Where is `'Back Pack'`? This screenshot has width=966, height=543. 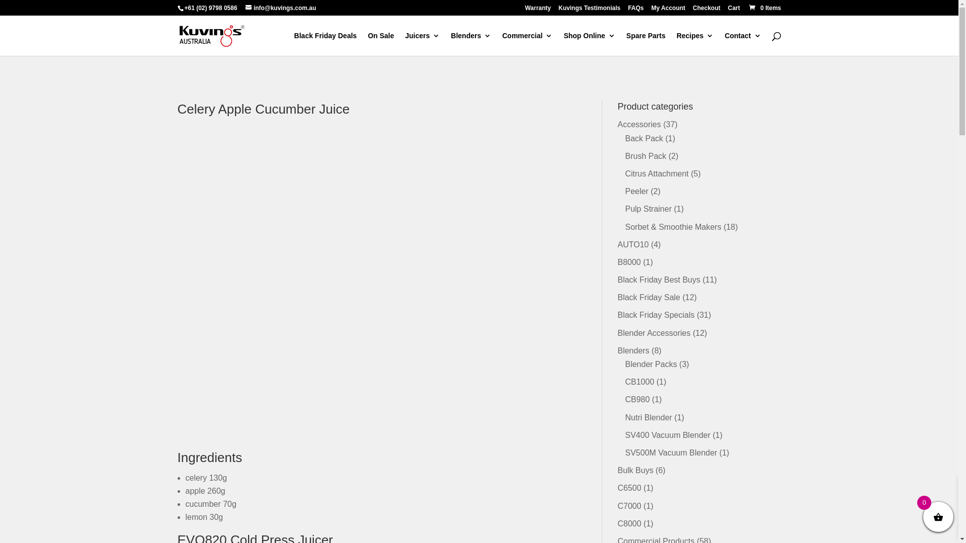 'Back Pack' is located at coordinates (644, 138).